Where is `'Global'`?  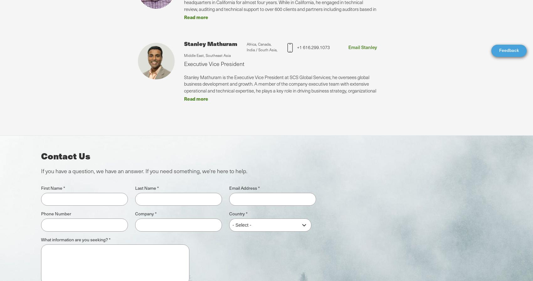
'Global' is located at coordinates (22, 241).